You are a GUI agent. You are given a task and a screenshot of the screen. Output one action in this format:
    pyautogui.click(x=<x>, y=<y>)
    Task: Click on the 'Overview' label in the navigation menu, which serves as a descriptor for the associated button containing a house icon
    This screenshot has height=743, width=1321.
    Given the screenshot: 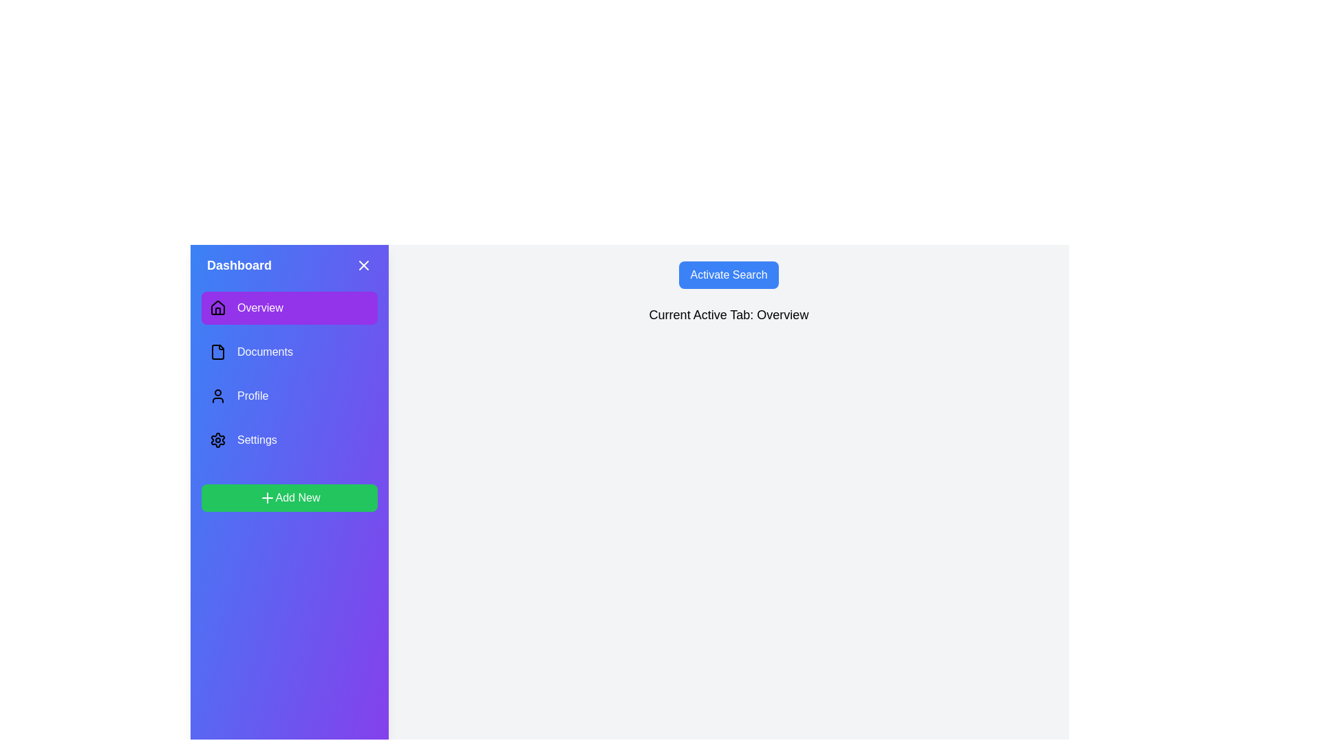 What is the action you would take?
    pyautogui.click(x=260, y=307)
    